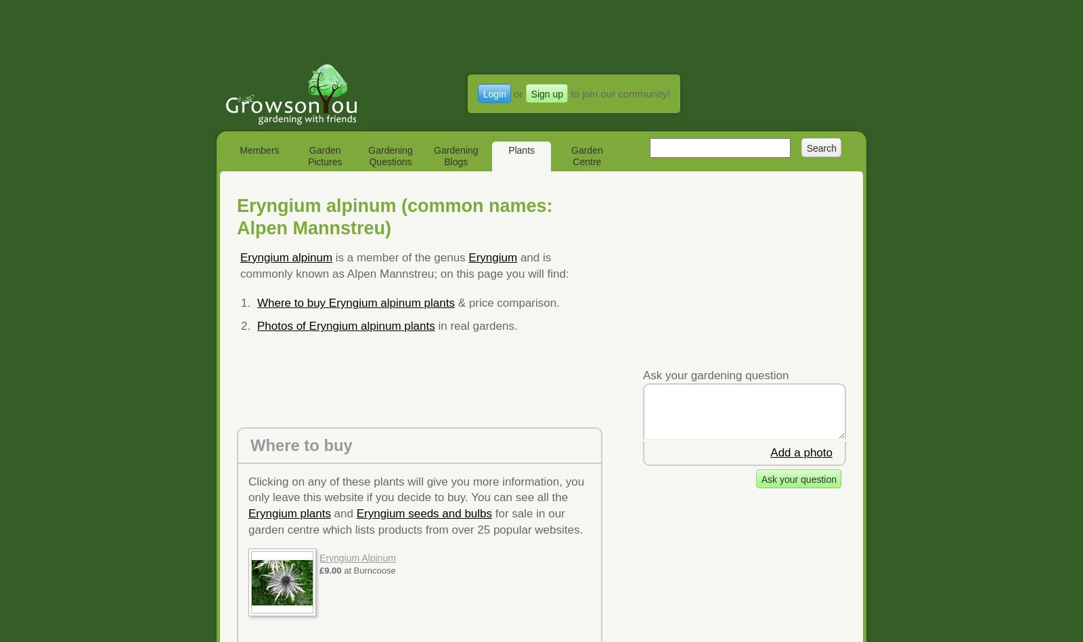 Image resolution: width=1083 pixels, height=642 pixels. What do you see at coordinates (801, 452) in the screenshot?
I see `'Add a photo'` at bounding box center [801, 452].